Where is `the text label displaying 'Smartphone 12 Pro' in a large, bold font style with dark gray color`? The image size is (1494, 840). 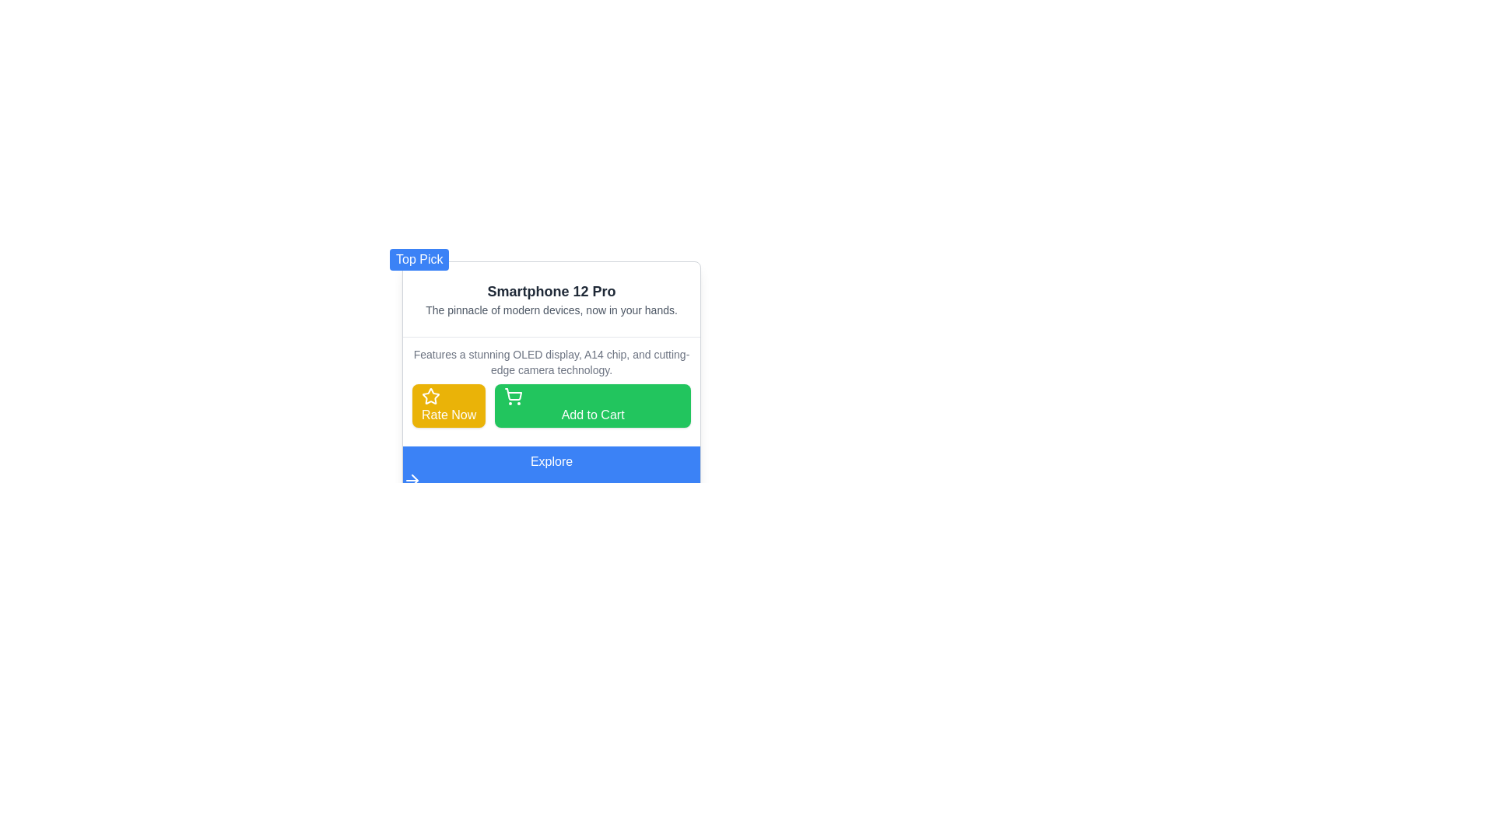 the text label displaying 'Smartphone 12 Pro' in a large, bold font style with dark gray color is located at coordinates (552, 291).